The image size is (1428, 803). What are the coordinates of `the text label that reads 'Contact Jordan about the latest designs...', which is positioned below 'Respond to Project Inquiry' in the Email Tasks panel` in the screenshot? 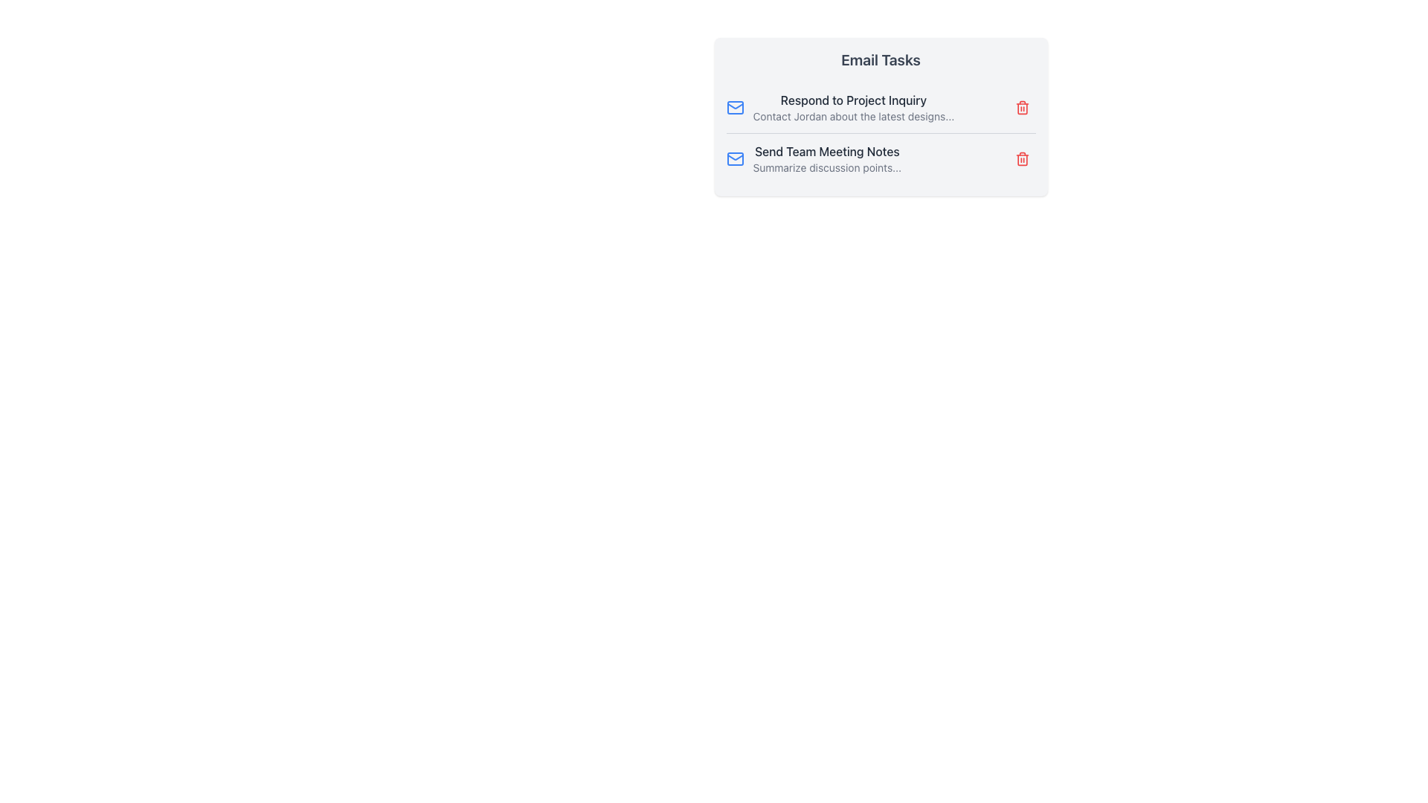 It's located at (853, 116).